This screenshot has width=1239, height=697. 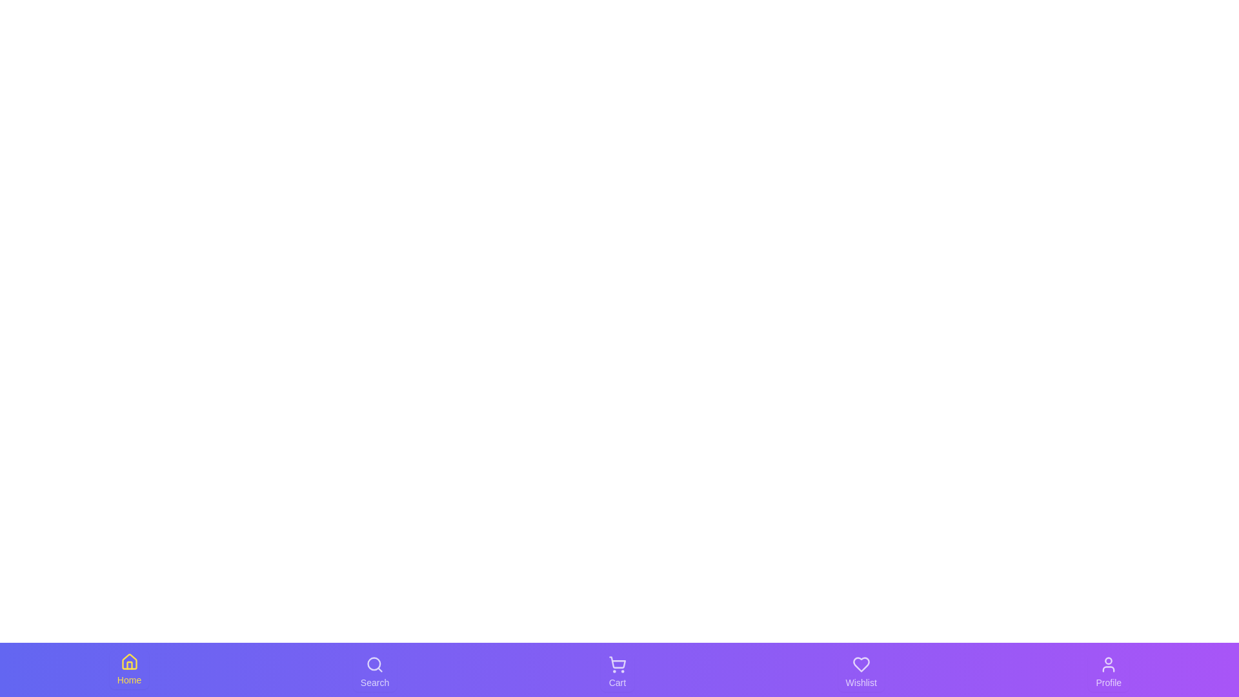 What do you see at coordinates (616, 671) in the screenshot?
I see `the Cart tab to observe its visual feedback` at bounding box center [616, 671].